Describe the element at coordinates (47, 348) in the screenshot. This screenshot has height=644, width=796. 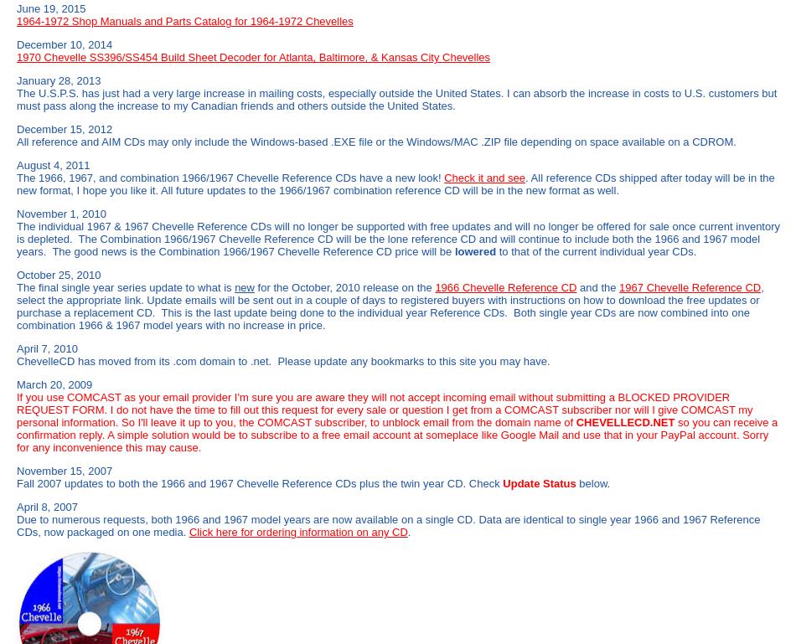
I see `'April 7, 2010'` at that location.